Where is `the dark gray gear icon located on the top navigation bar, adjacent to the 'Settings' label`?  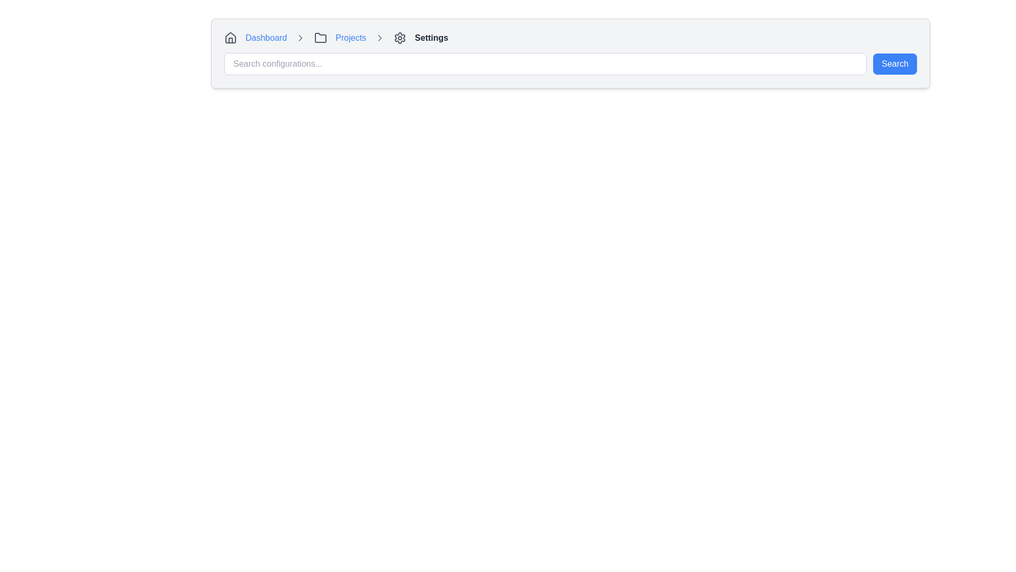
the dark gray gear icon located on the top navigation bar, adjacent to the 'Settings' label is located at coordinates (400, 38).